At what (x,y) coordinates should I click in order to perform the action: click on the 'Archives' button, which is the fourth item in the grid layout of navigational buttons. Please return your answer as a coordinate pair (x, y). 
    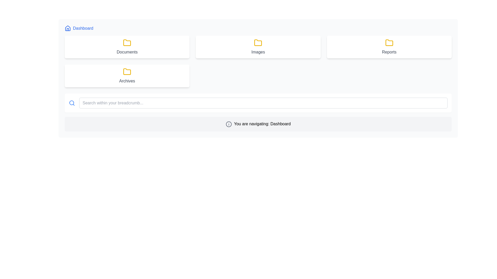
    Looking at the image, I should click on (127, 76).